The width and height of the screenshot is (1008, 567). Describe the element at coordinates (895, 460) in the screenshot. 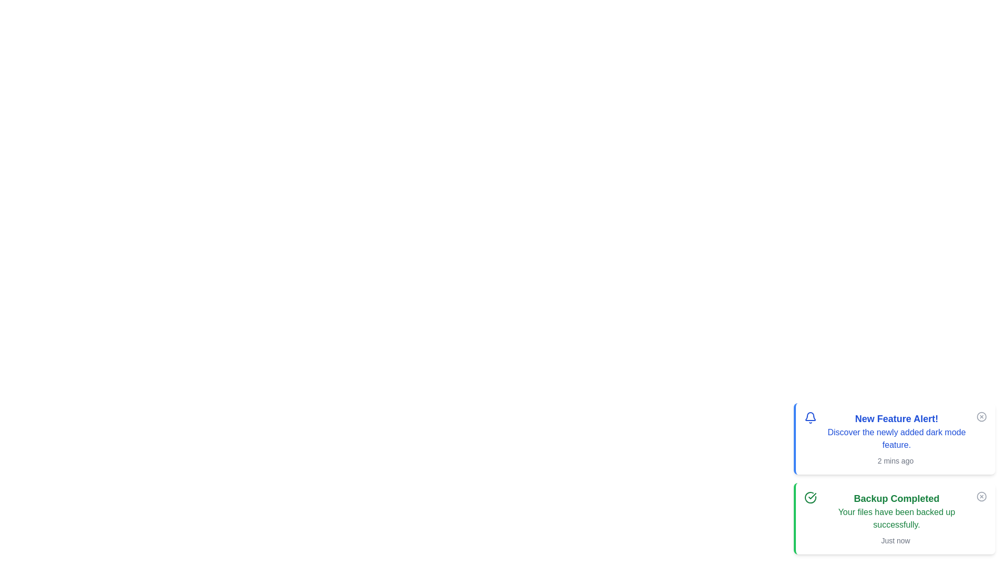

I see `the timestamp of the alert labeled 'New Feature Alert!'` at that location.